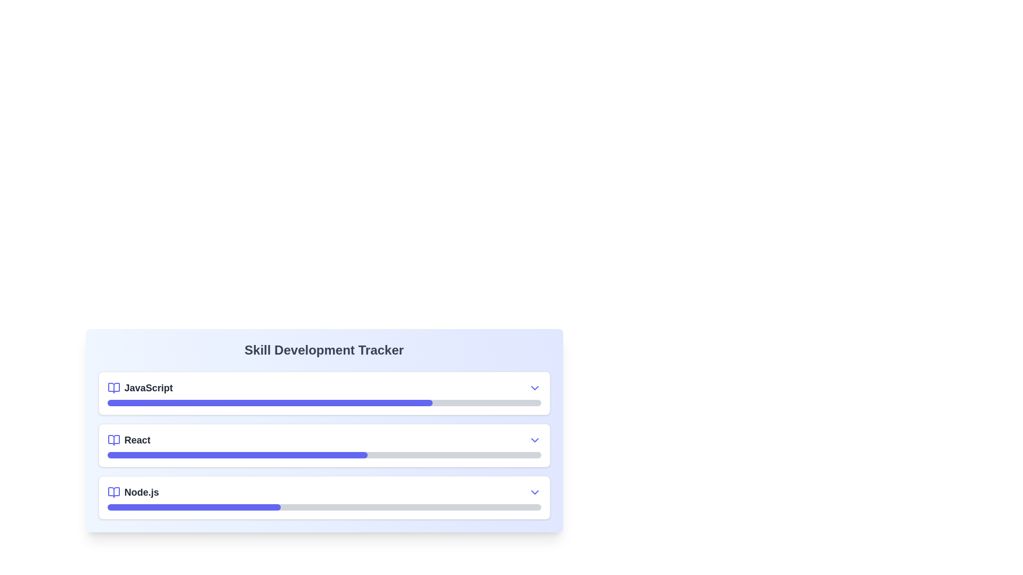 This screenshot has width=1023, height=575. Describe the element at coordinates (113, 388) in the screenshot. I see `the open book icon, which is blue-indigo in color and located immediately to the left of the 'JavaScript' text in the first row of the skill tracker section` at that location.